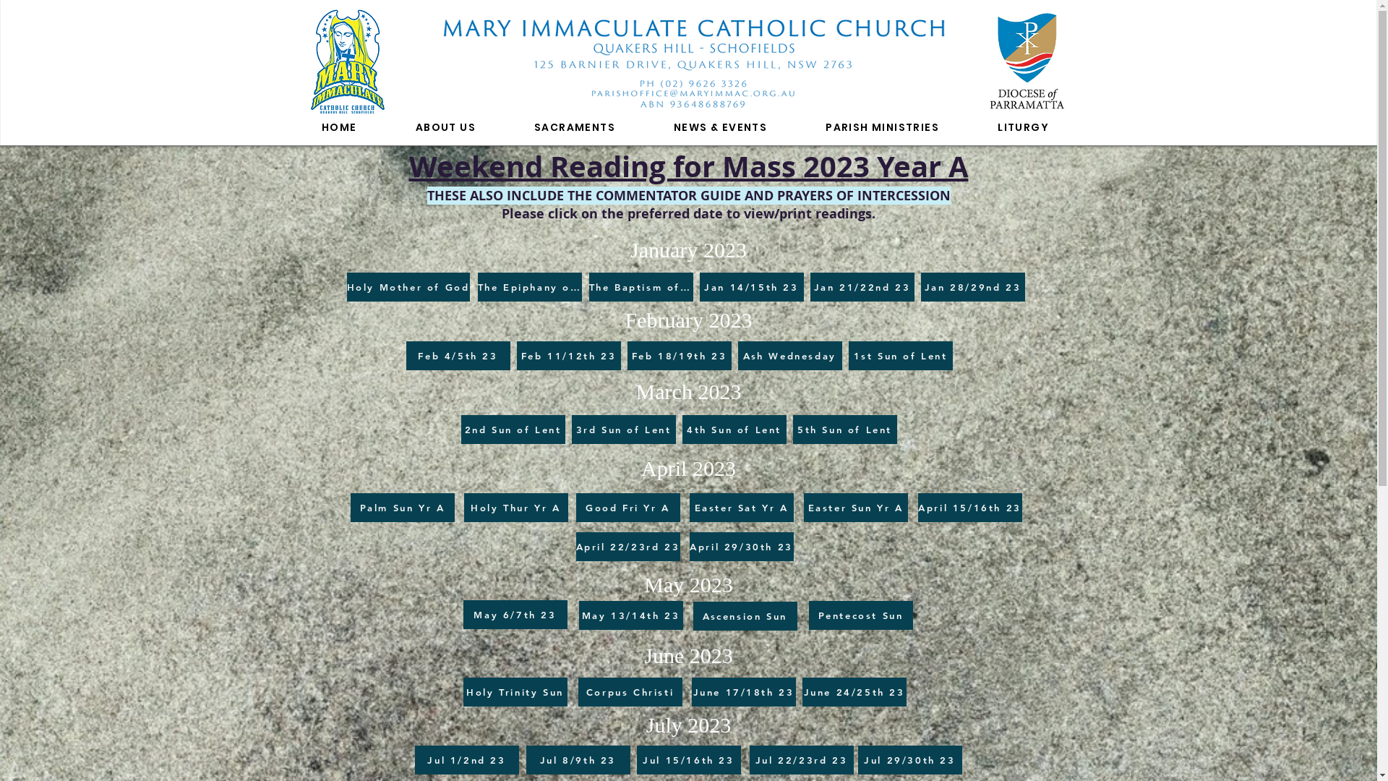  I want to click on 'Jan 14/15th 23', so click(752, 287).